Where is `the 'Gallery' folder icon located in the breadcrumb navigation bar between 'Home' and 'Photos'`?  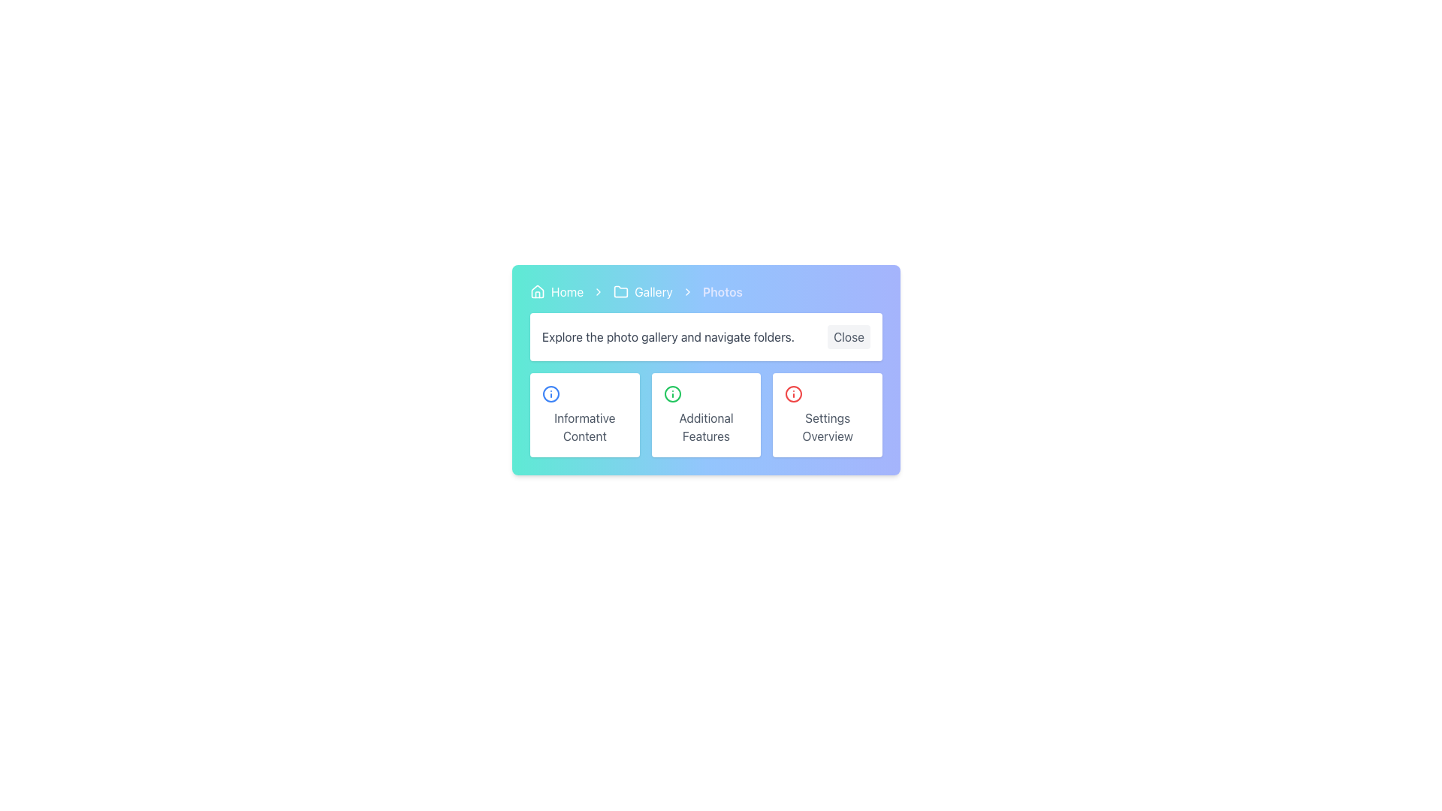 the 'Gallery' folder icon located in the breadcrumb navigation bar between 'Home' and 'Photos' is located at coordinates (621, 291).